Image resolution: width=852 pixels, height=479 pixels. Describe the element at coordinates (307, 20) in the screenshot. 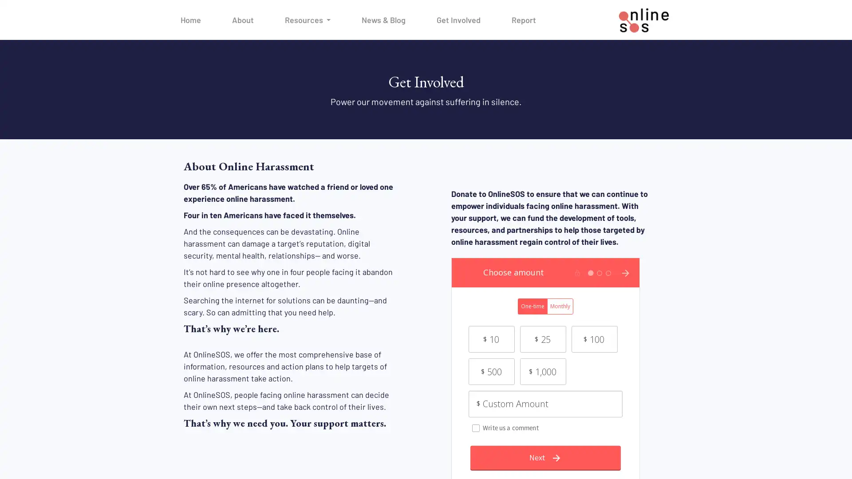

I see `Resources` at that location.